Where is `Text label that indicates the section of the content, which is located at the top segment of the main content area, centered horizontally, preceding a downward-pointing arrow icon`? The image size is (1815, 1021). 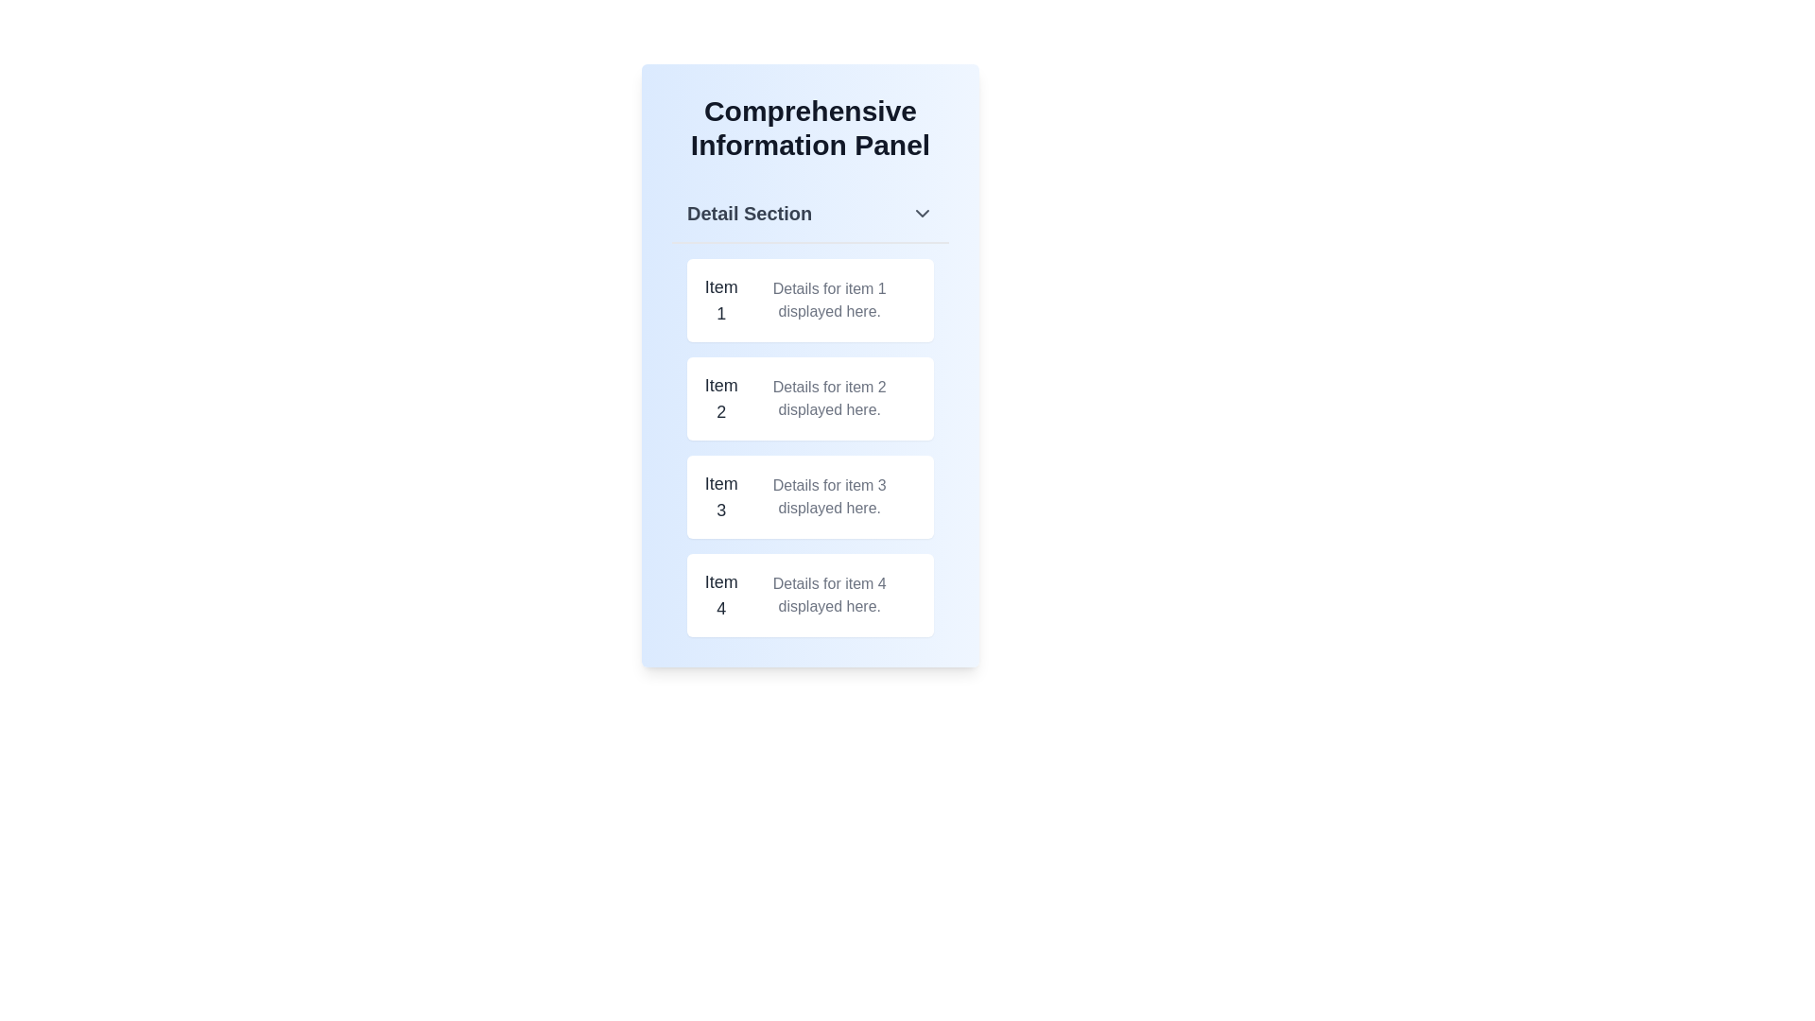 Text label that indicates the section of the content, which is located at the top segment of the main content area, centered horizontally, preceding a downward-pointing arrow icon is located at coordinates (749, 213).